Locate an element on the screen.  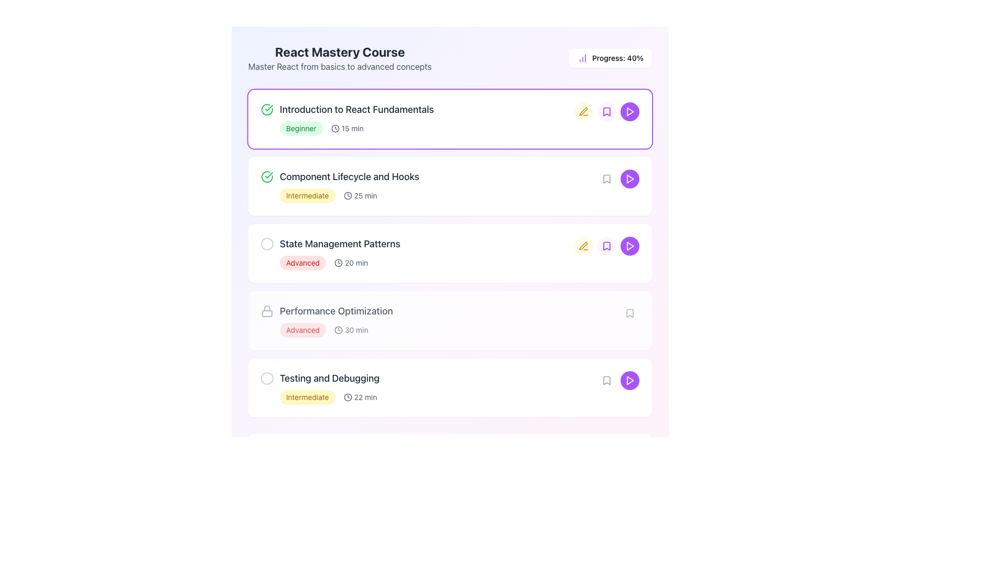
the bookmark icon is located at coordinates (607, 178).